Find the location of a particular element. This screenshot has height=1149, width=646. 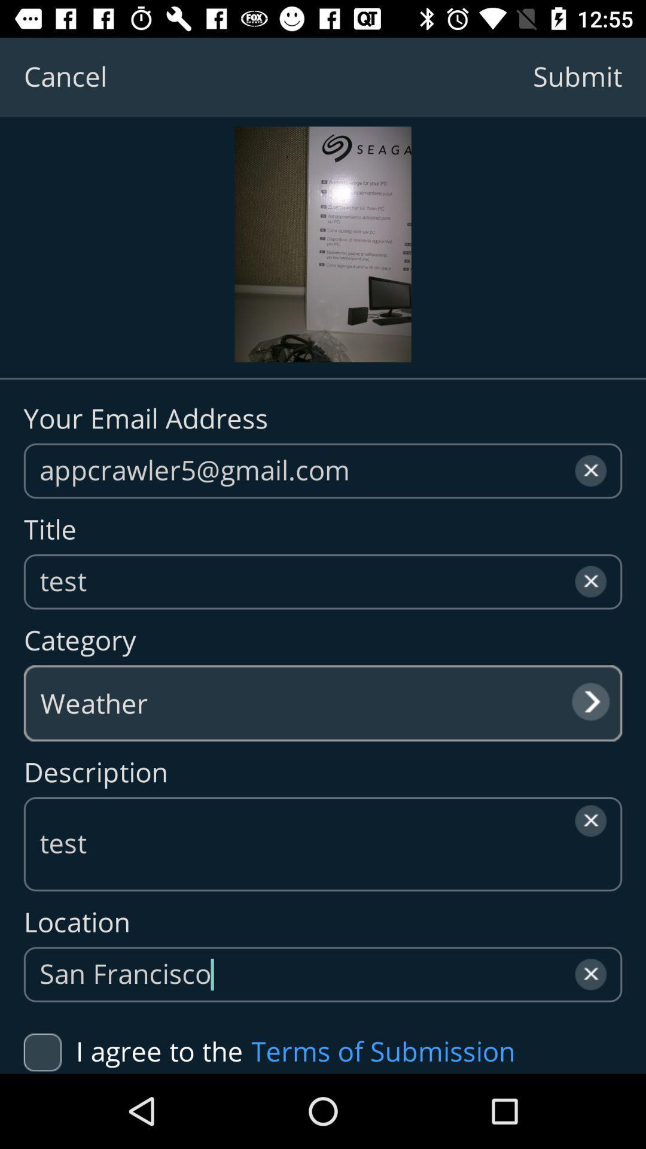

the close icon is located at coordinates (590, 470).